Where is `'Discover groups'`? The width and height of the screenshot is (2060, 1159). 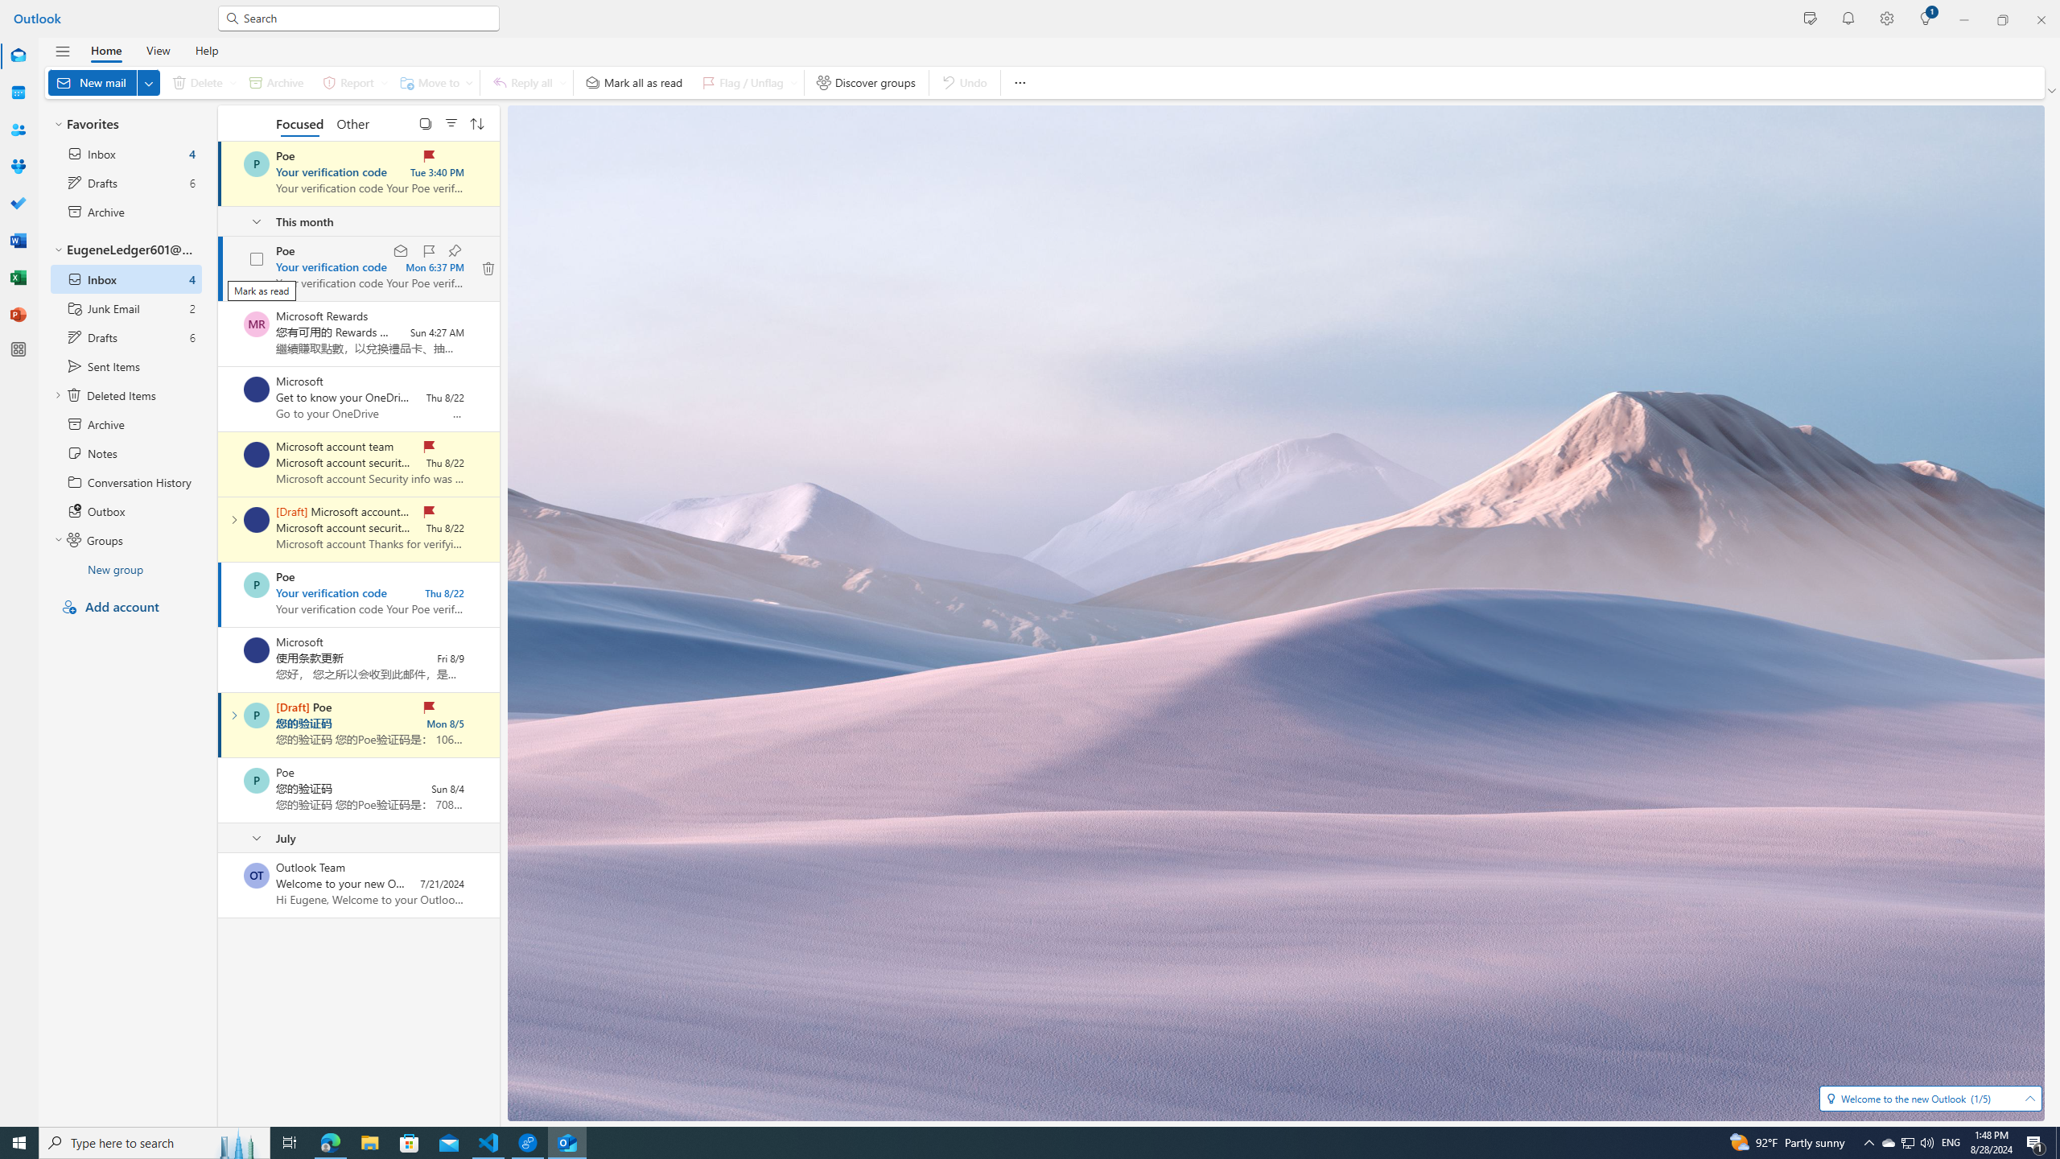 'Discover groups' is located at coordinates (866, 82).